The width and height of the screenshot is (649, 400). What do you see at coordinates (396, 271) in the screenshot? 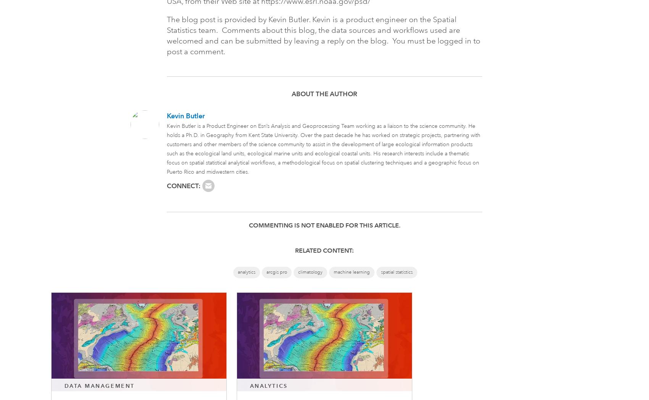
I see `'spatial statistics'` at bounding box center [396, 271].